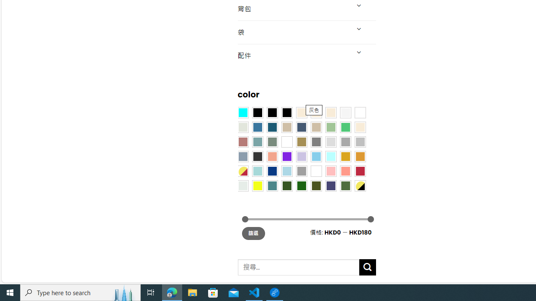  I want to click on 'Cream', so click(330, 113).